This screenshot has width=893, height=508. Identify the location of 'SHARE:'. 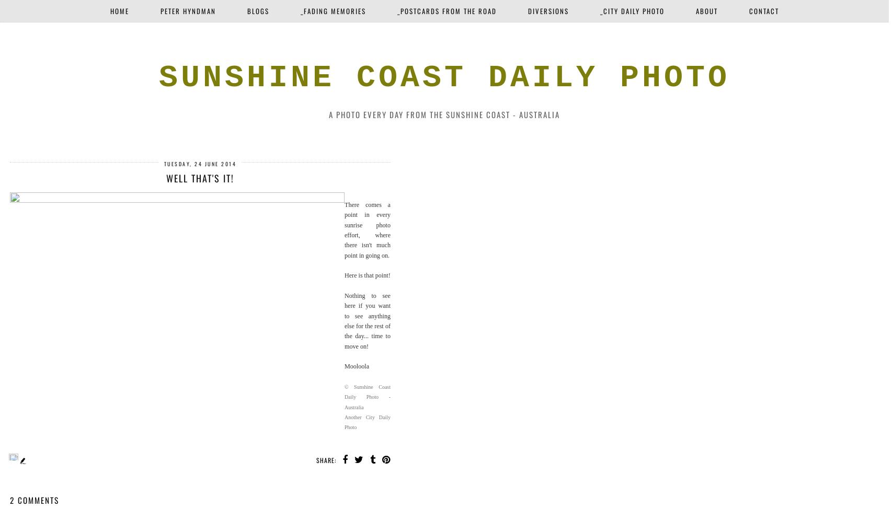
(326, 460).